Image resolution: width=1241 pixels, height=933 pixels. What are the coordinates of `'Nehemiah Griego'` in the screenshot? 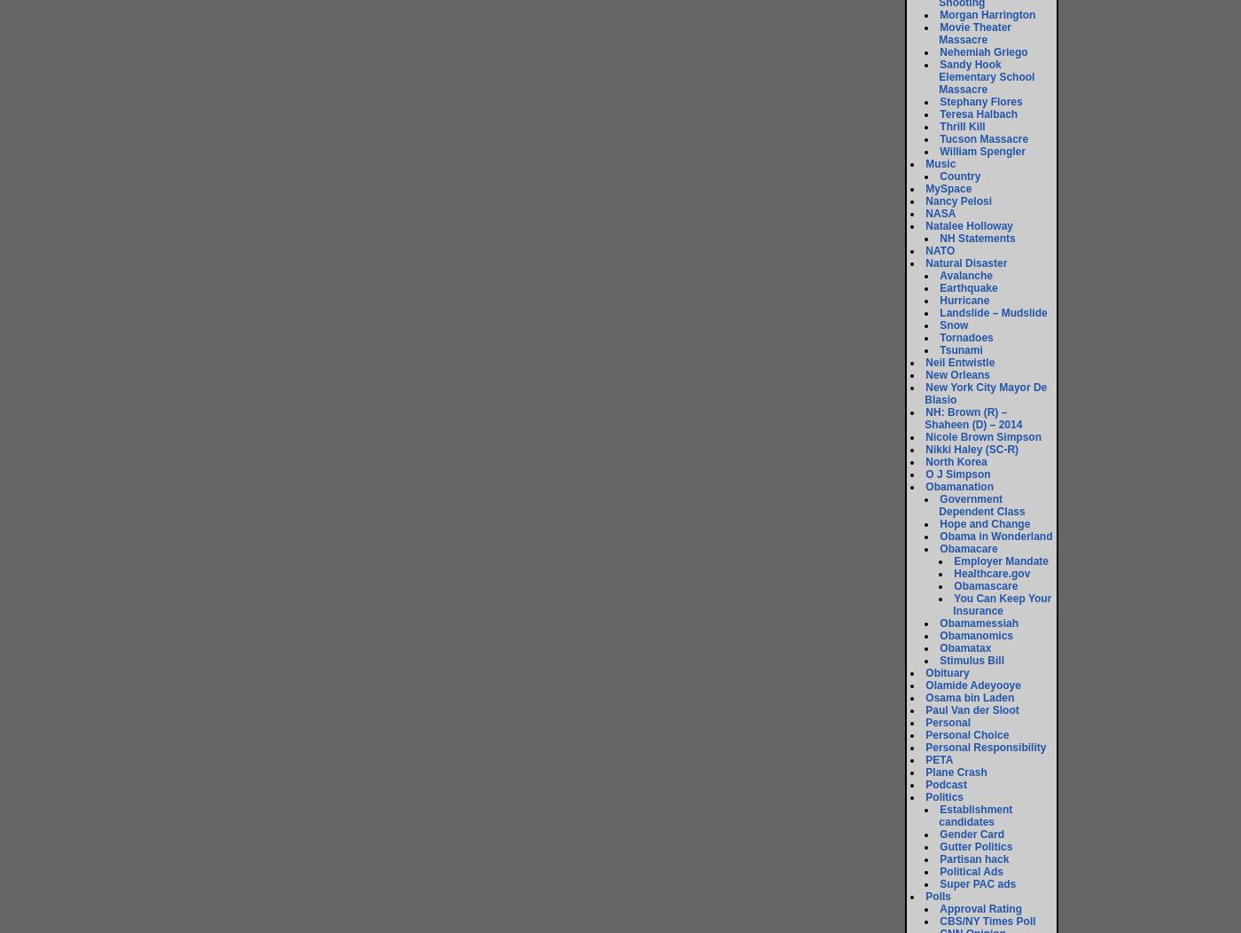 It's located at (983, 51).